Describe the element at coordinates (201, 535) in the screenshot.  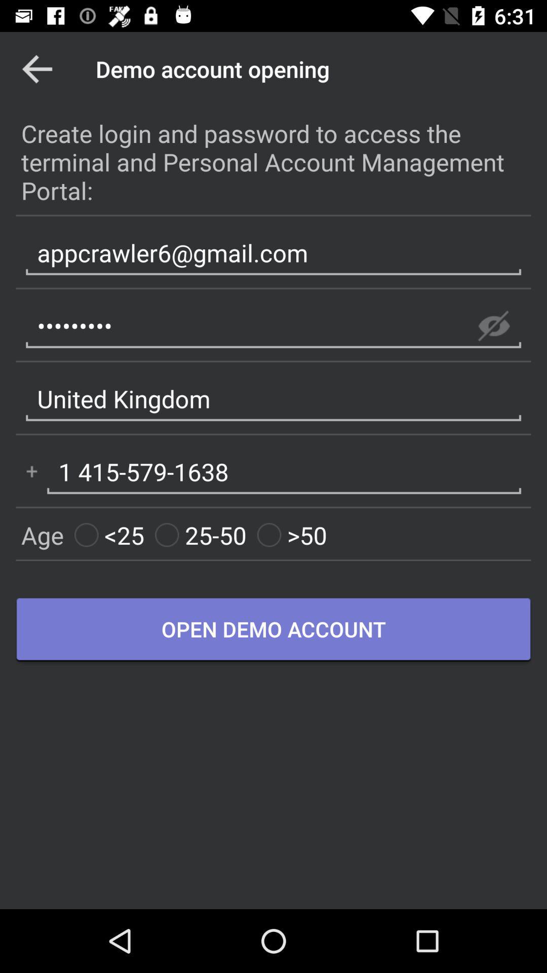
I see `25-50 icon` at that location.